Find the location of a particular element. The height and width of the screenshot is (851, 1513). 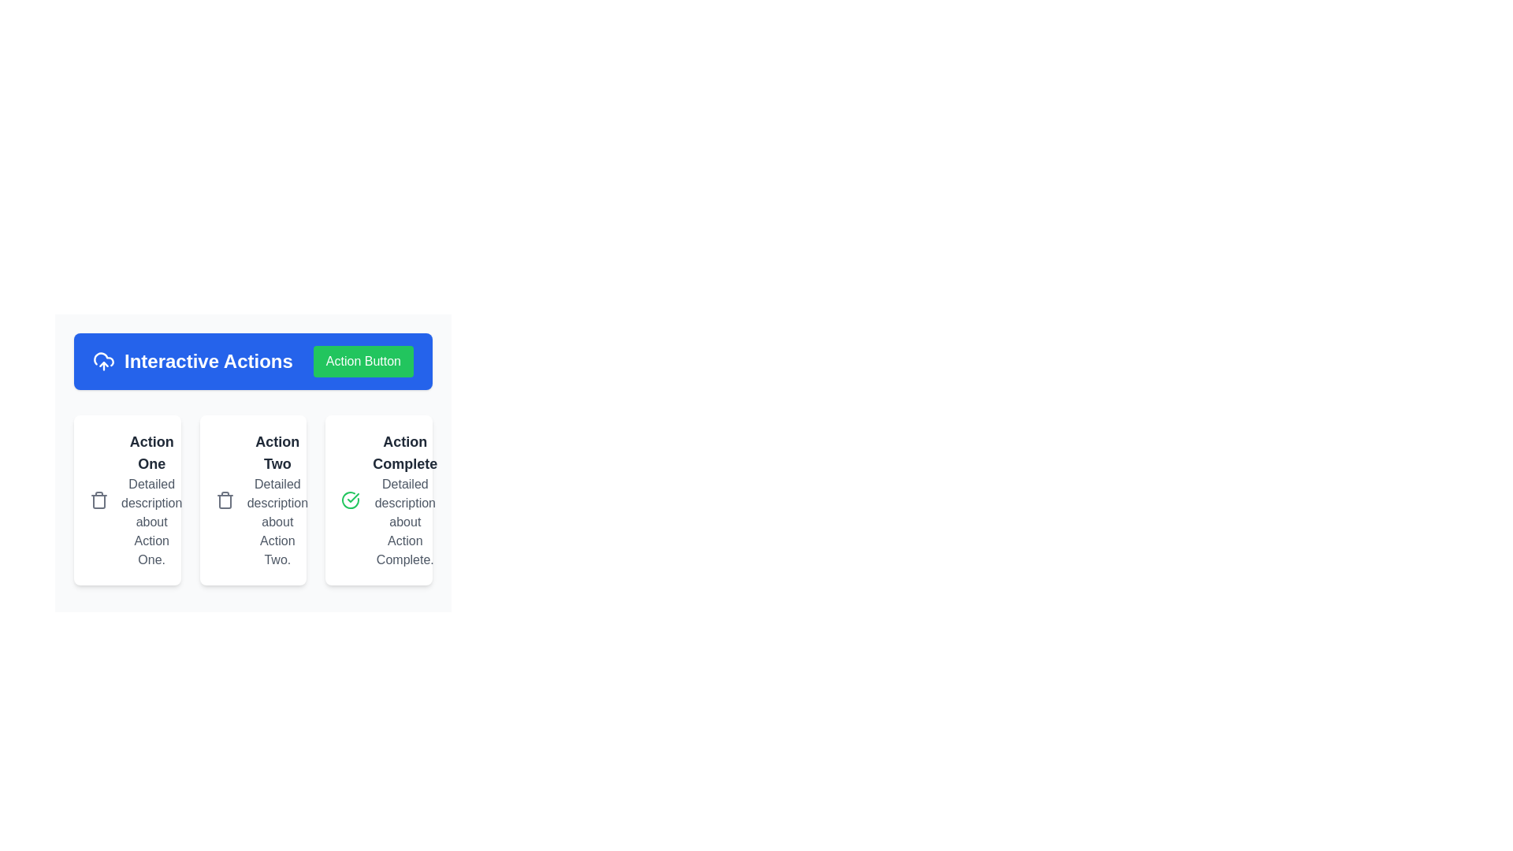

the delete icon located in the top-left corner of the 'Action Two' card, which signifies a 'delete' or 'remove' action is located at coordinates (224, 500).